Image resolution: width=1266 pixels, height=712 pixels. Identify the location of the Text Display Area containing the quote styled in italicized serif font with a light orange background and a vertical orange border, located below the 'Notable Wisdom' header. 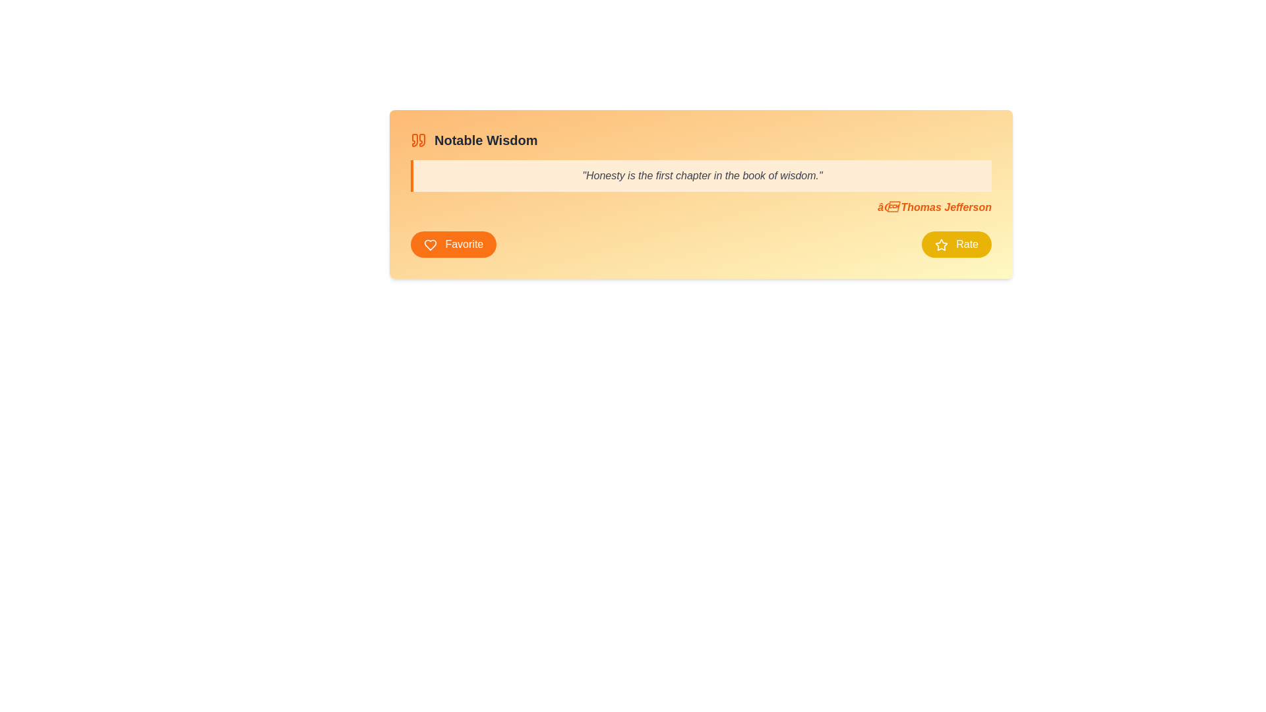
(700, 175).